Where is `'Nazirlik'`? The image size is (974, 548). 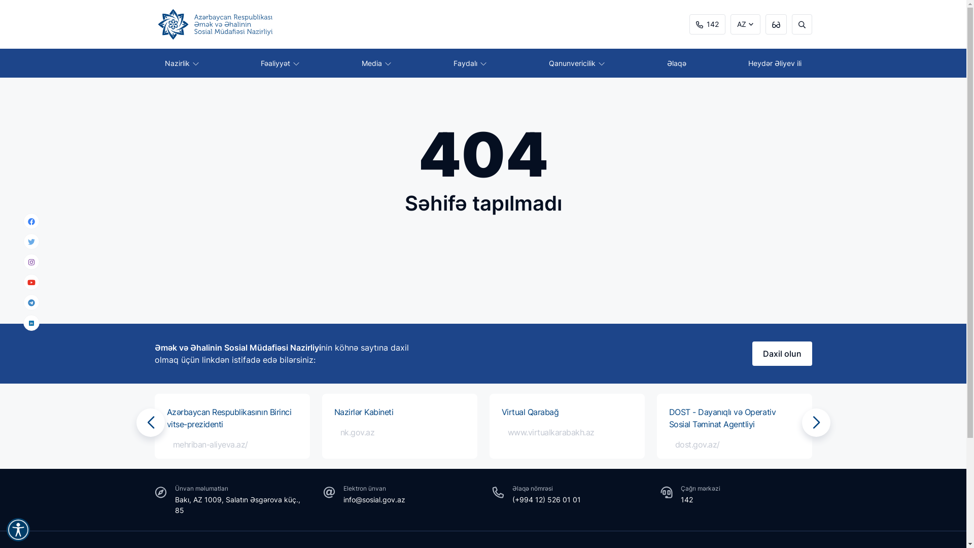 'Nazirlik' is located at coordinates (181, 63).